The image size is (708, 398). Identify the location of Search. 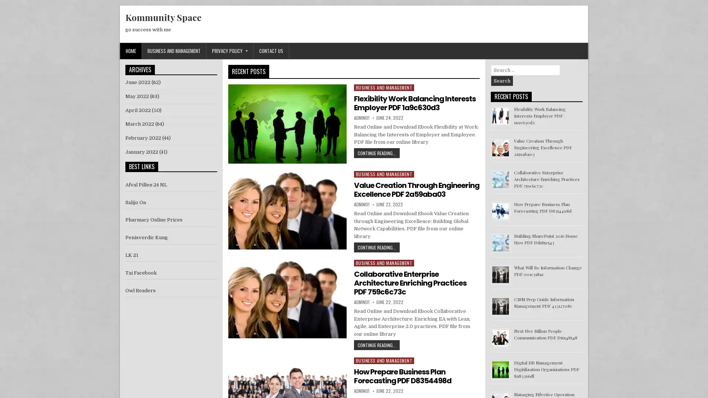
(502, 81).